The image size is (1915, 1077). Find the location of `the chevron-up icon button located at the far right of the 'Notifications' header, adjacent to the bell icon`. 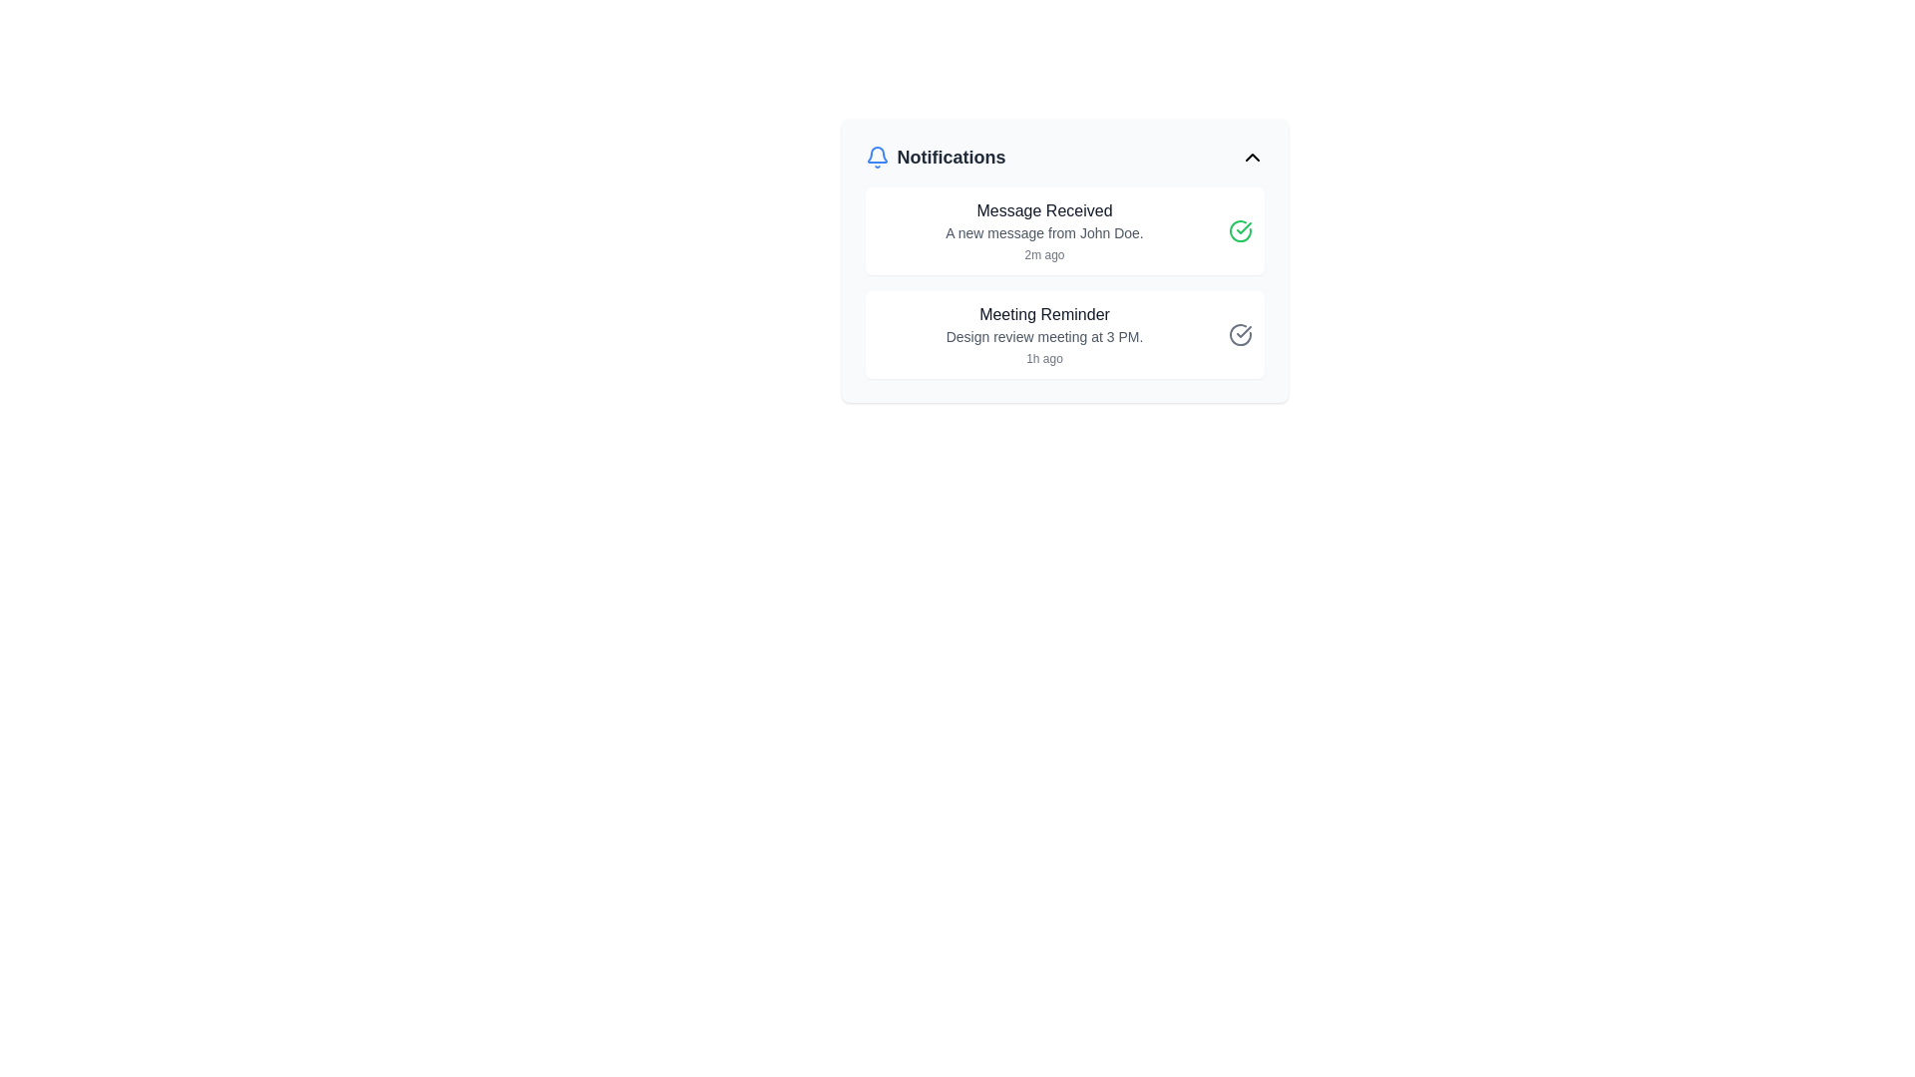

the chevron-up icon button located at the far right of the 'Notifications' header, adjacent to the bell icon is located at coordinates (1251, 157).